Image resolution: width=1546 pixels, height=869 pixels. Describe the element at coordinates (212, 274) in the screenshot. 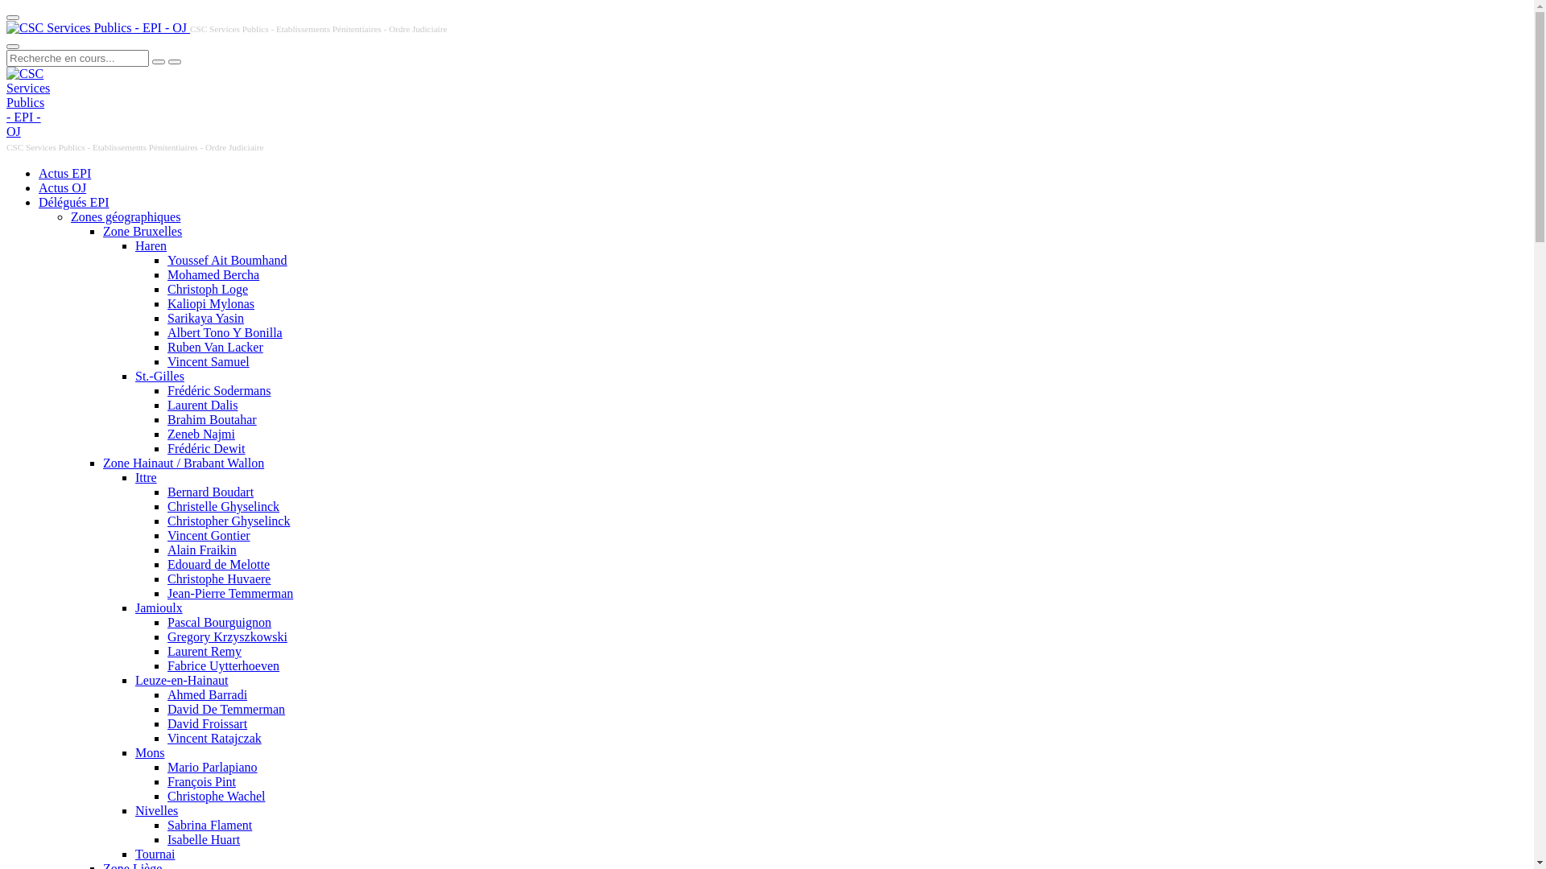

I see `'Mohamed Bercha'` at that location.